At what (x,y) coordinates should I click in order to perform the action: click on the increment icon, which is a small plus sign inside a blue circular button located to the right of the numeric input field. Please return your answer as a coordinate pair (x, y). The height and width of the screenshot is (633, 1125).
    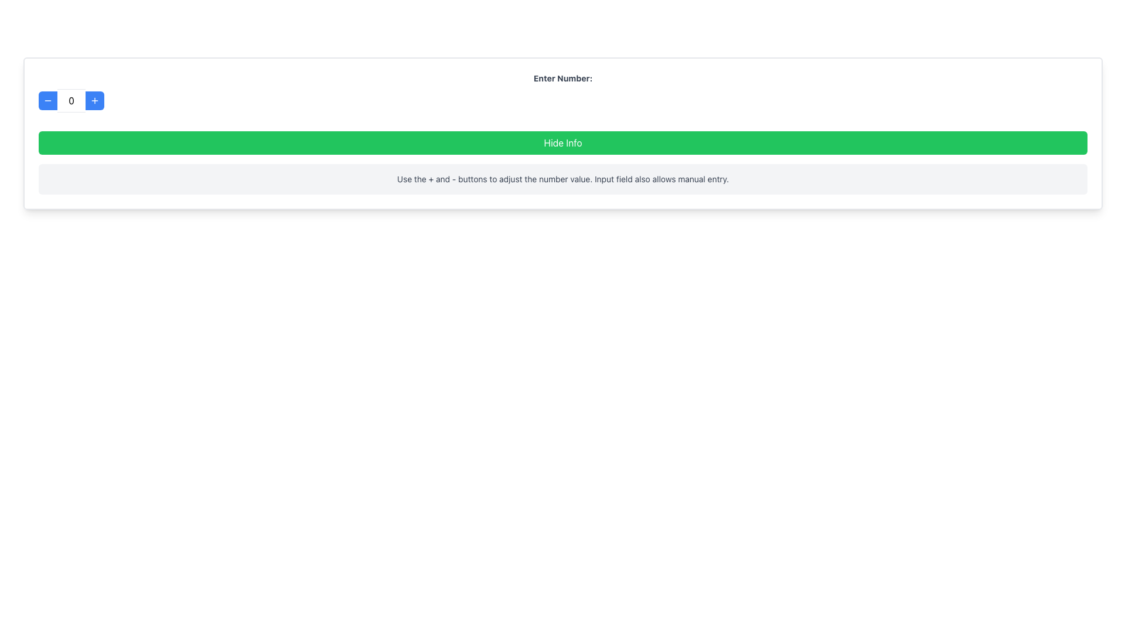
    Looking at the image, I should click on (95, 100).